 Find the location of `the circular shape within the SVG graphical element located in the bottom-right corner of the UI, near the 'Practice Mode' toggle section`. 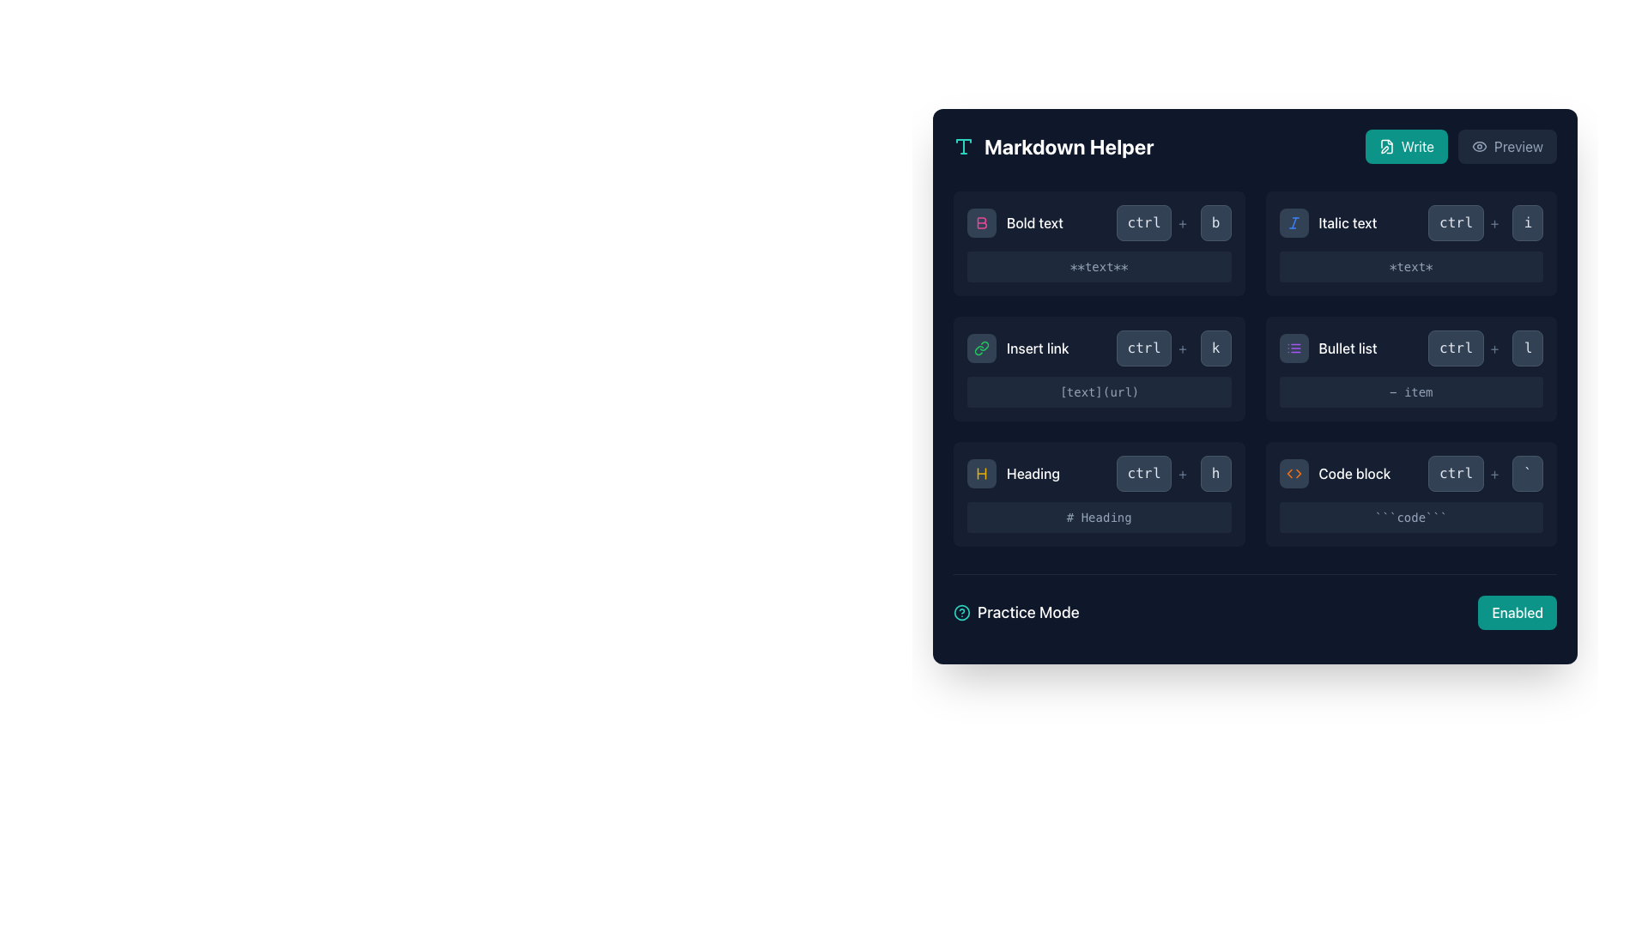

the circular shape within the SVG graphical element located in the bottom-right corner of the UI, near the 'Practice Mode' toggle section is located at coordinates (962, 611).